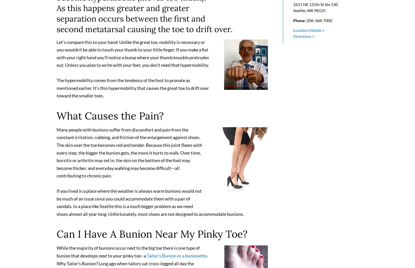 The image size is (415, 268). What do you see at coordinates (129, 154) in the screenshot?
I see `'Many people with bunions suffer from discomfort and pain from the constant irritation, rubbing, and friction of the enlargement against shoes. The skin over the toe becomes red and tender. Because this joint flexes with every step, the bigger the bunion gets, the more it hurts to walk. Over time, bursitis or arthritis may set in, the skin on the bottom of the foot may become thicker, and everyday walking may become difficult—all contributing to chronic pain.'` at bounding box center [129, 154].